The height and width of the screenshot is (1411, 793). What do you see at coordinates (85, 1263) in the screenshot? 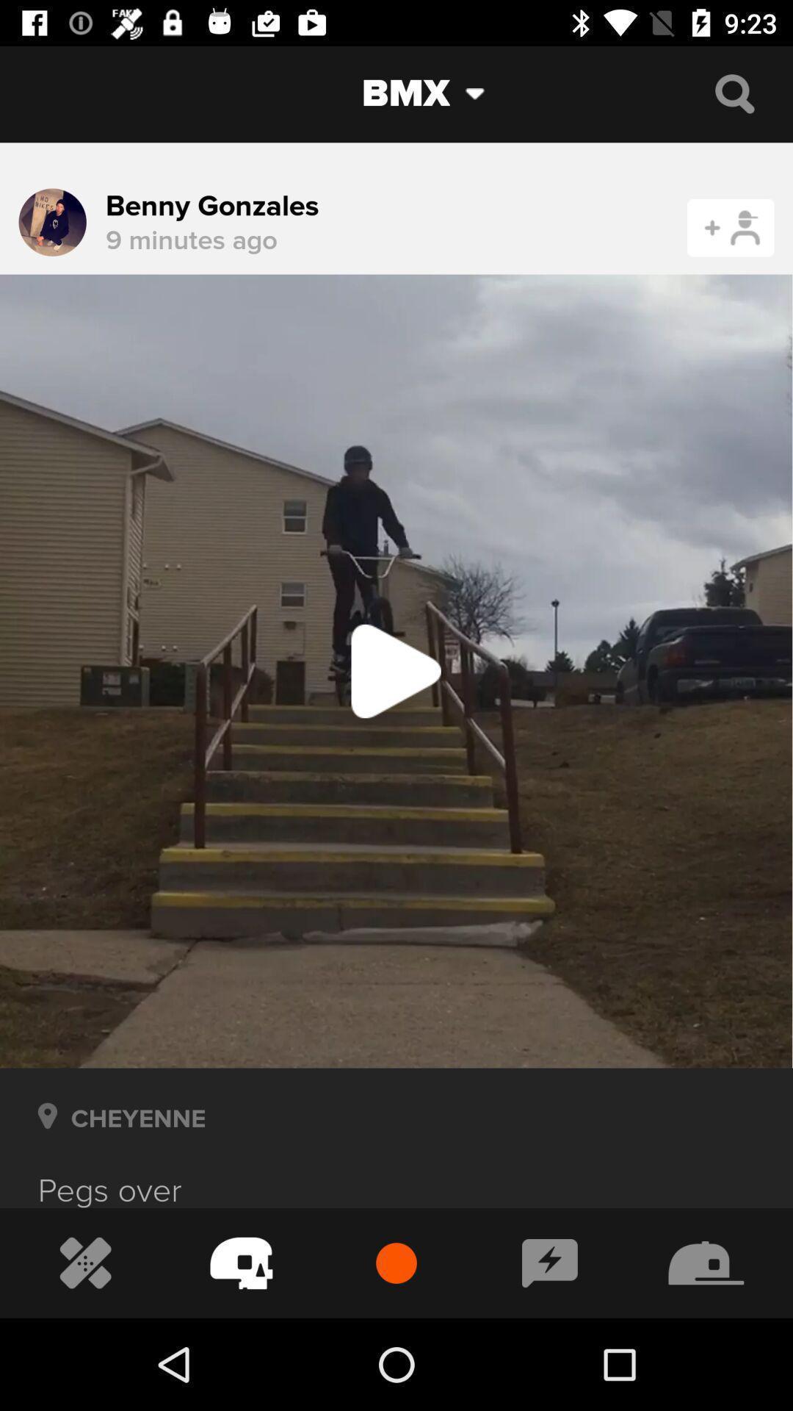
I see `the icon which is just below pegs over` at bounding box center [85, 1263].